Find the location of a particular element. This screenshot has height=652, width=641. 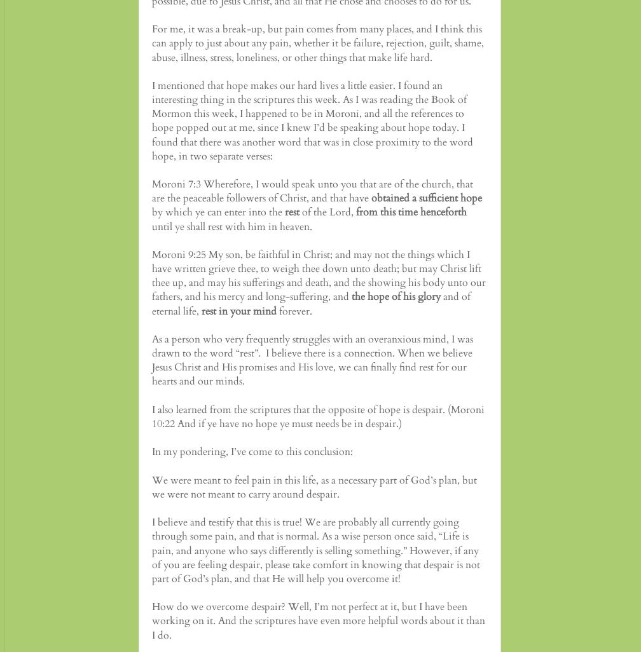

'from this time henceforth' is located at coordinates (411, 212).